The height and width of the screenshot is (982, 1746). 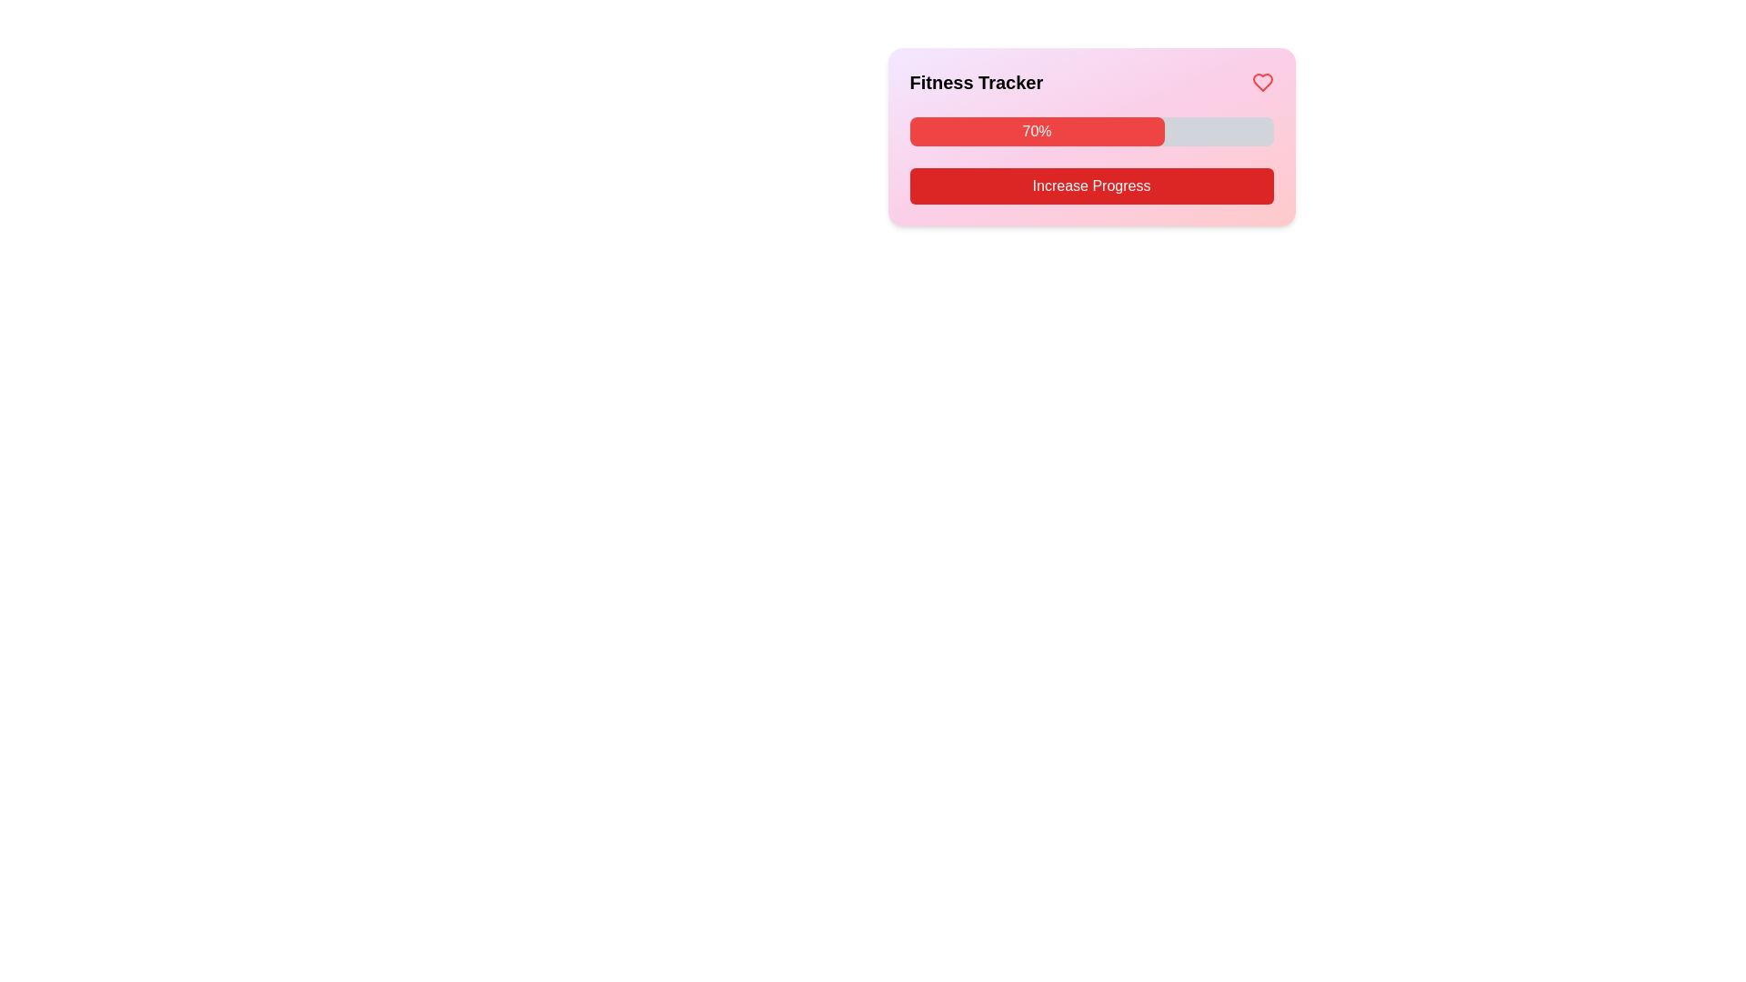 I want to click on the heart-shaped icon outlined with a red stroke, located to the right of the 'Fitness Tracker' text in the card header, so click(x=1261, y=83).